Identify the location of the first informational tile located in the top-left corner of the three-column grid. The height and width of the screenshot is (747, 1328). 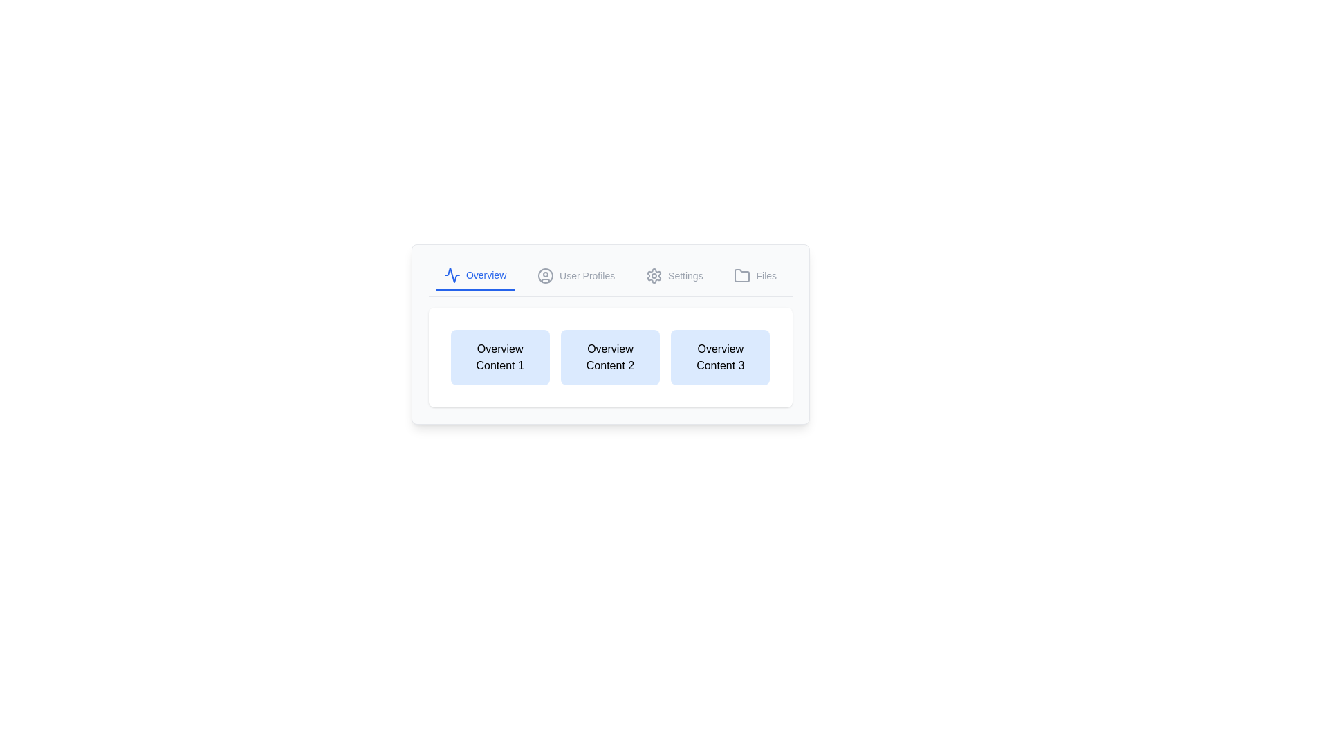
(499, 356).